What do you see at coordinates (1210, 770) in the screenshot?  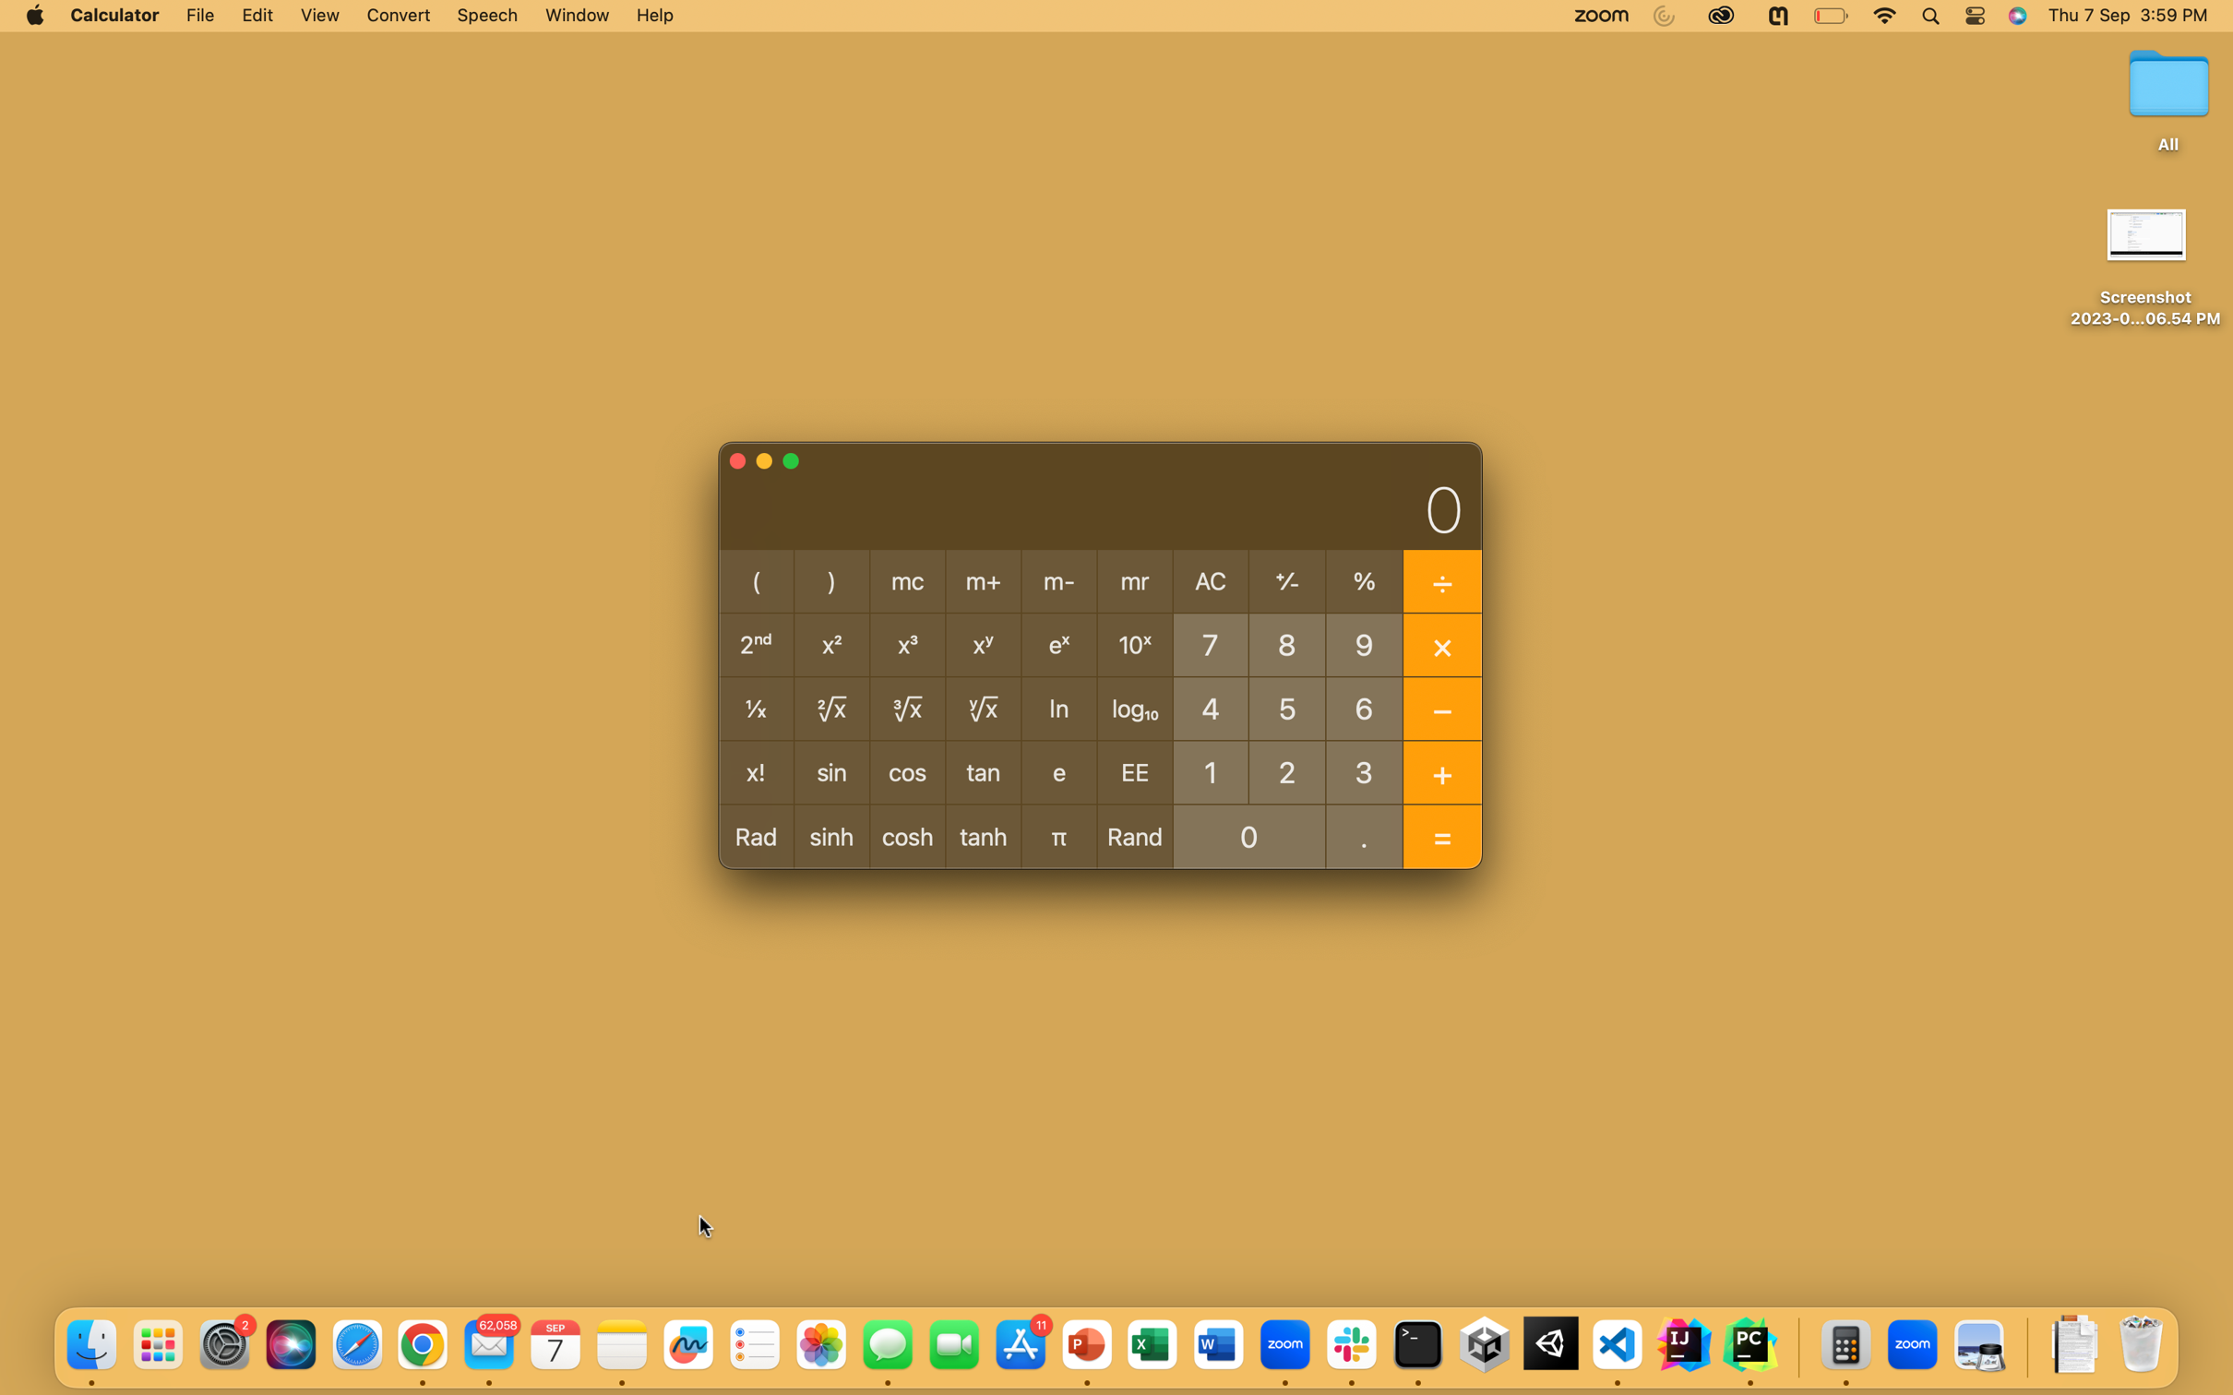 I see `Calculate the natural logarithm of 10` at bounding box center [1210, 770].